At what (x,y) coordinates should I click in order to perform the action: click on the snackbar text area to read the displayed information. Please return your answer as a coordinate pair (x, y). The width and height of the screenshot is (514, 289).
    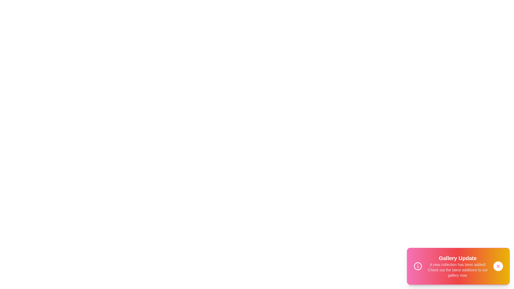
    Looking at the image, I should click on (457, 266).